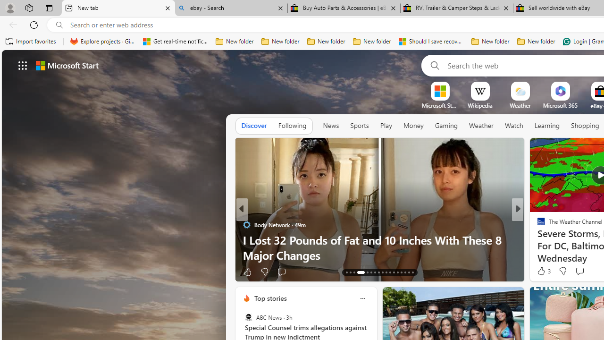  I want to click on 'Ad', so click(539, 272).